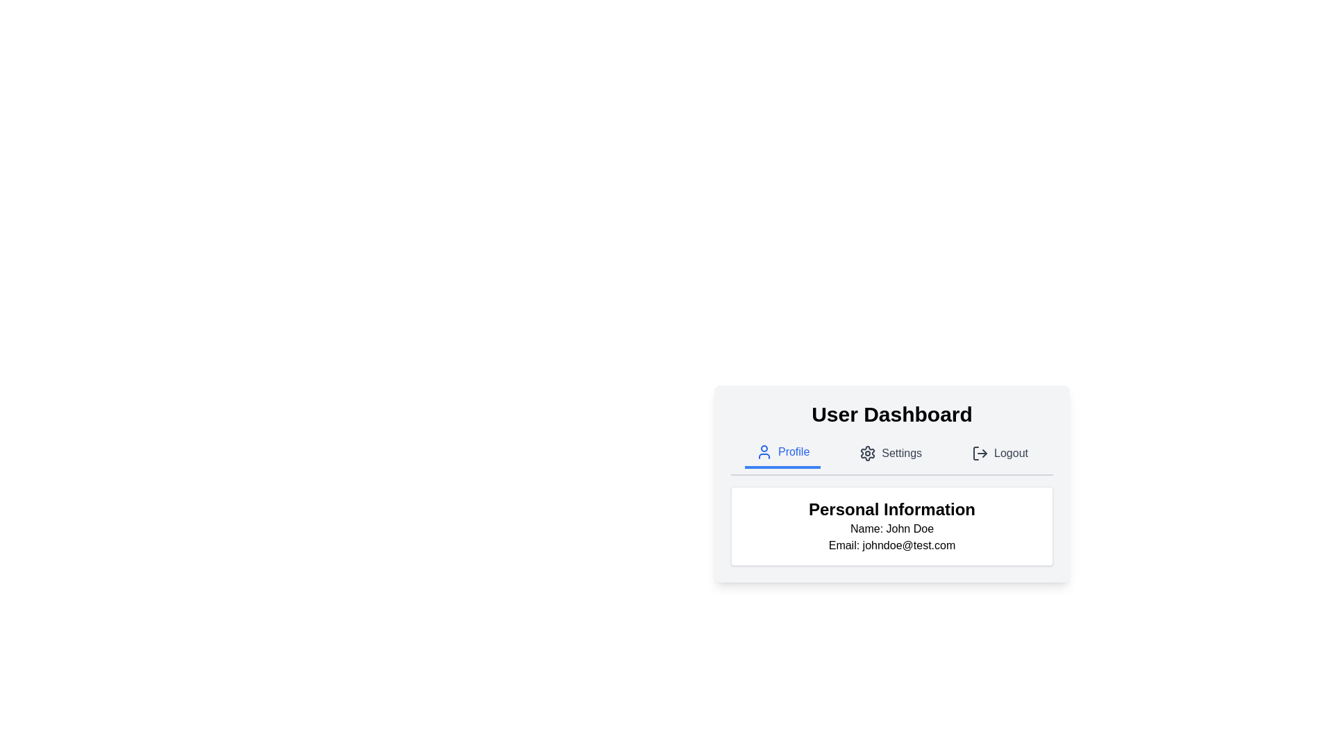 This screenshot has height=749, width=1333. What do you see at coordinates (892, 457) in the screenshot?
I see `the 'Profile' option in the navigation bar` at bounding box center [892, 457].